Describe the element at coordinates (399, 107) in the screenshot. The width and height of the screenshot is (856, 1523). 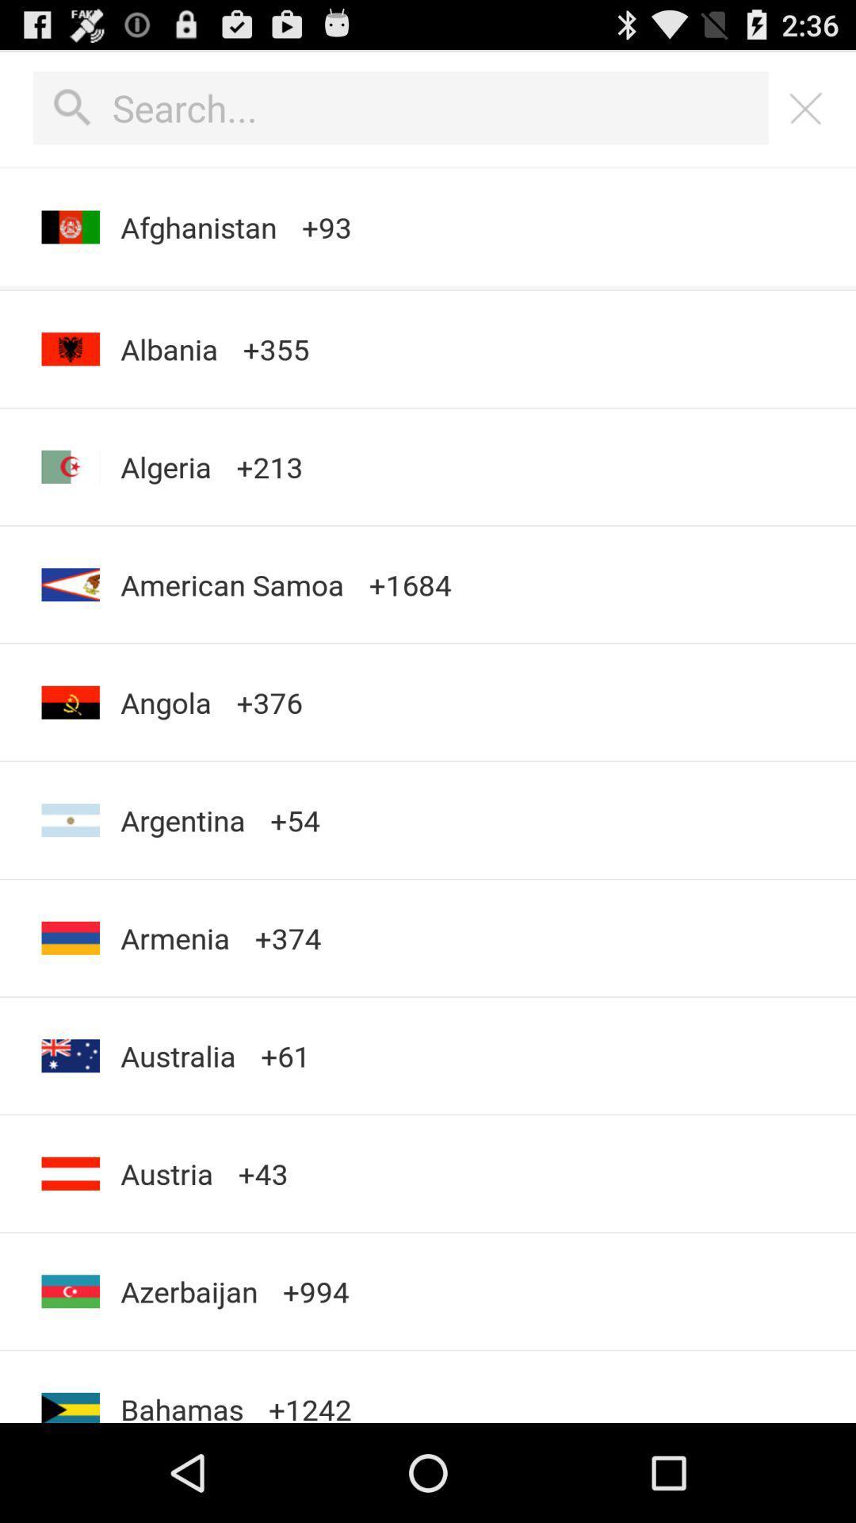
I see `search bar` at that location.